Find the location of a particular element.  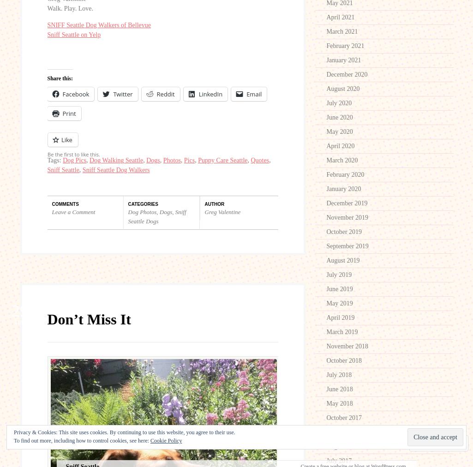

'Twitter' is located at coordinates (122, 94).